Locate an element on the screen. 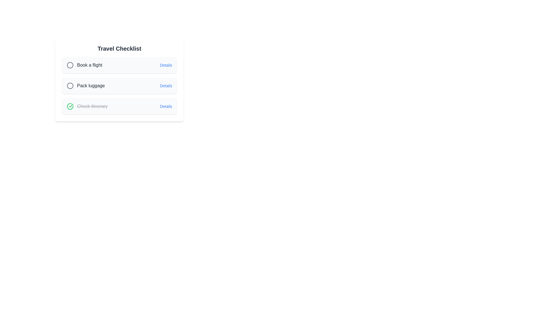 The height and width of the screenshot is (309, 550). the blue text labeled 'Details' which is located on the right side of the second row in a vertical checklist, aligned with 'Pack luggage' is located at coordinates (166, 86).